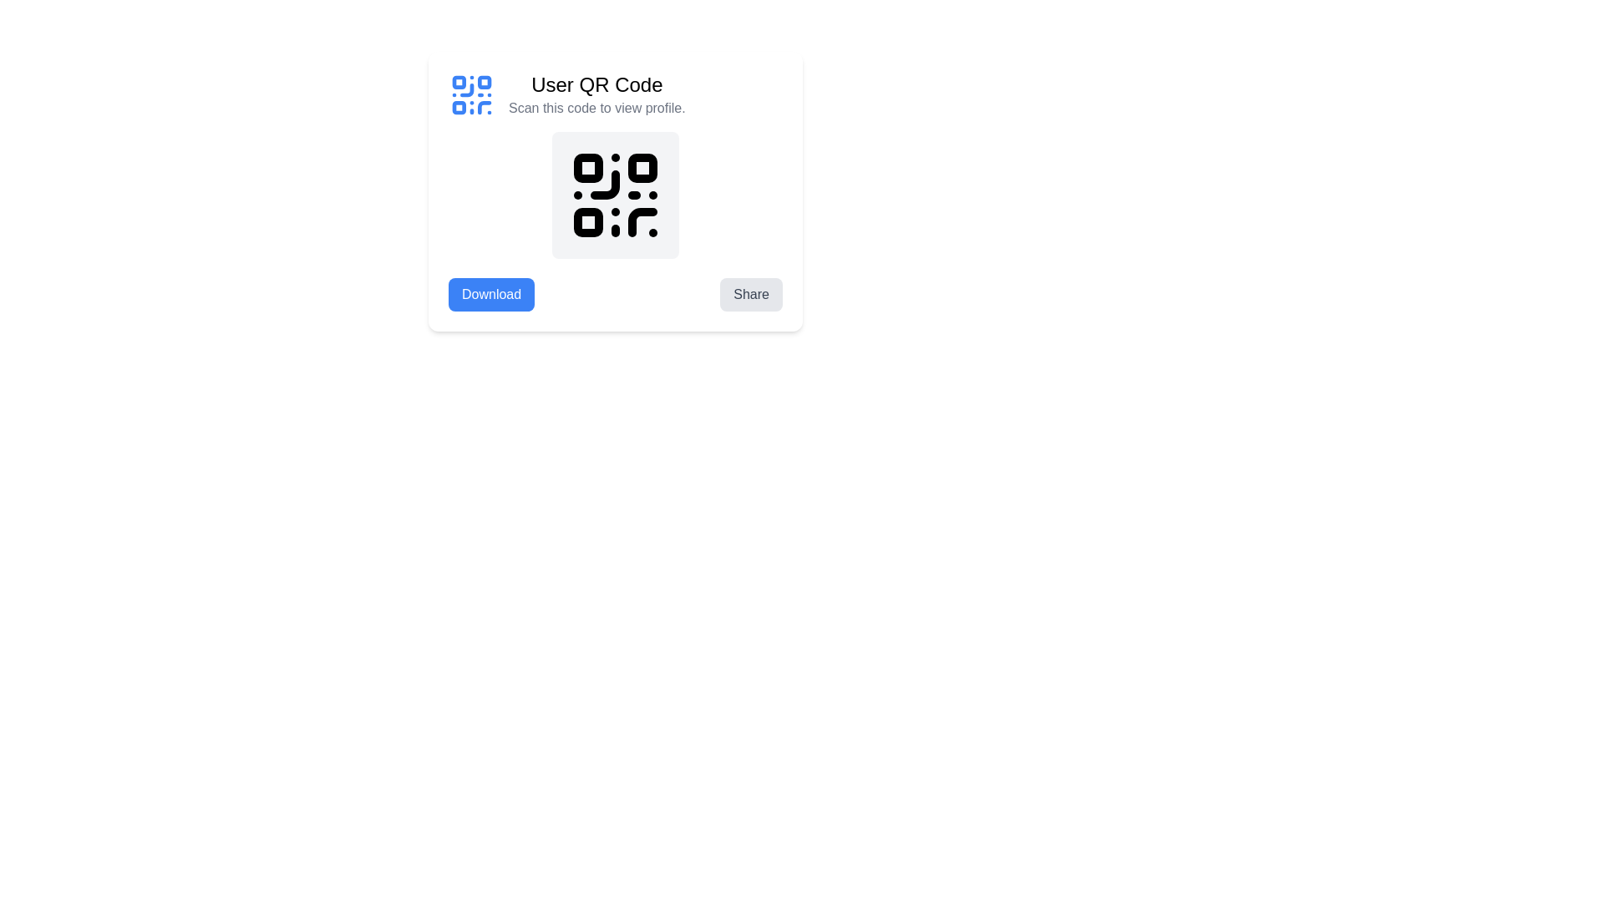 The width and height of the screenshot is (1604, 902). Describe the element at coordinates (749, 294) in the screenshot. I see `the 'Share' button with a gray background and rounded corners located to the right of the 'Download' button` at that location.